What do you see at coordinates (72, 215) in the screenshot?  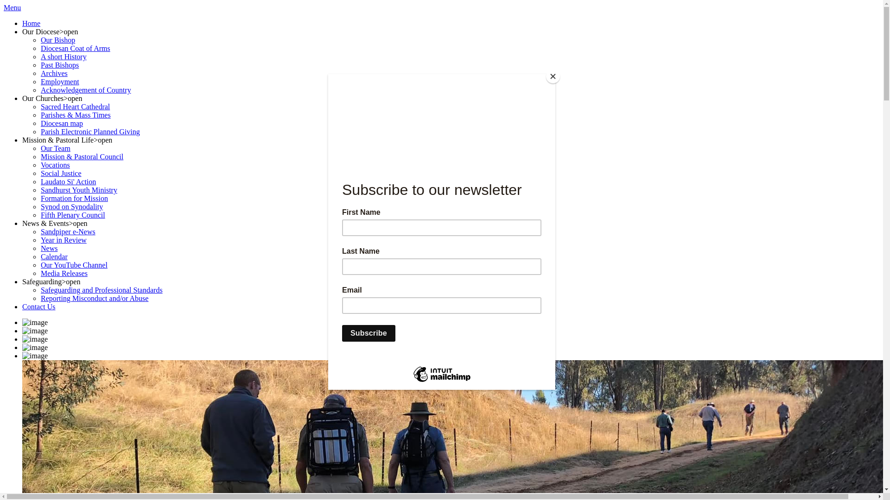 I see `'Fifth Plenary Council'` at bounding box center [72, 215].